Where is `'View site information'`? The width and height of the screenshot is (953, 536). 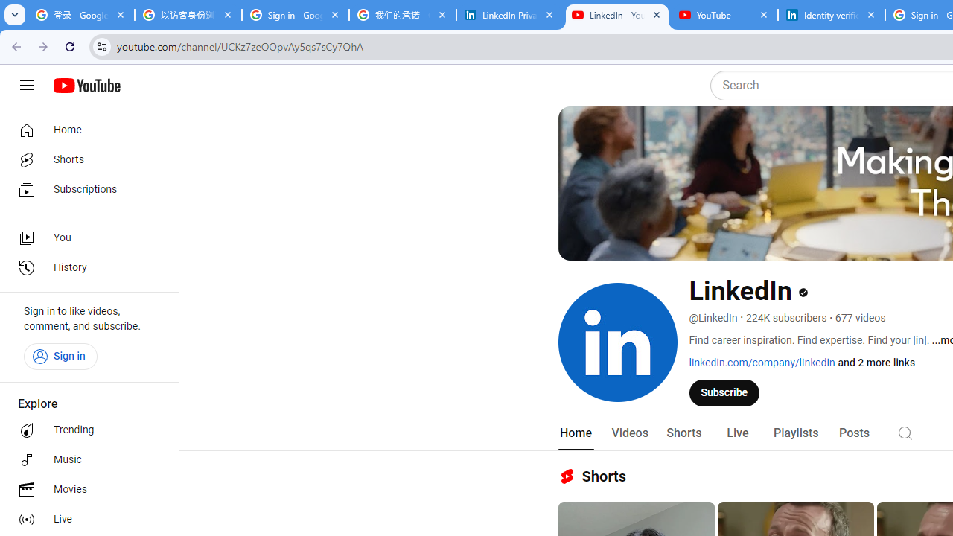 'View site information' is located at coordinates (101, 45).